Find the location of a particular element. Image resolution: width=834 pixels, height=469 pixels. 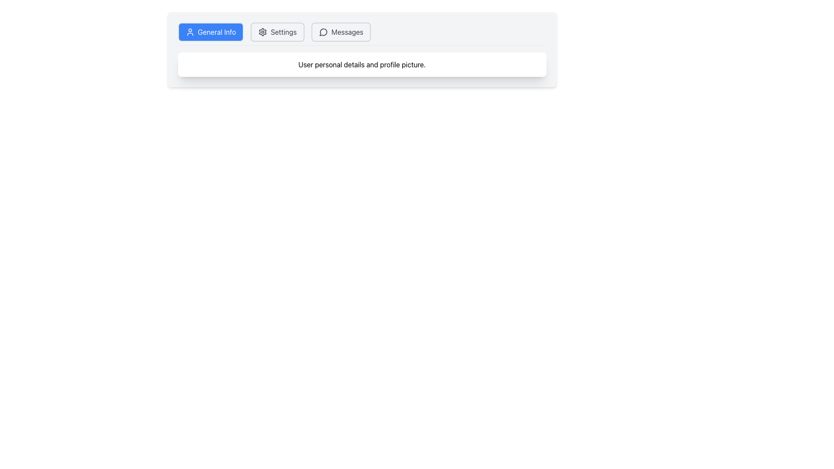

the 'Messages' button with a speech bubble icon is located at coordinates (341, 31).